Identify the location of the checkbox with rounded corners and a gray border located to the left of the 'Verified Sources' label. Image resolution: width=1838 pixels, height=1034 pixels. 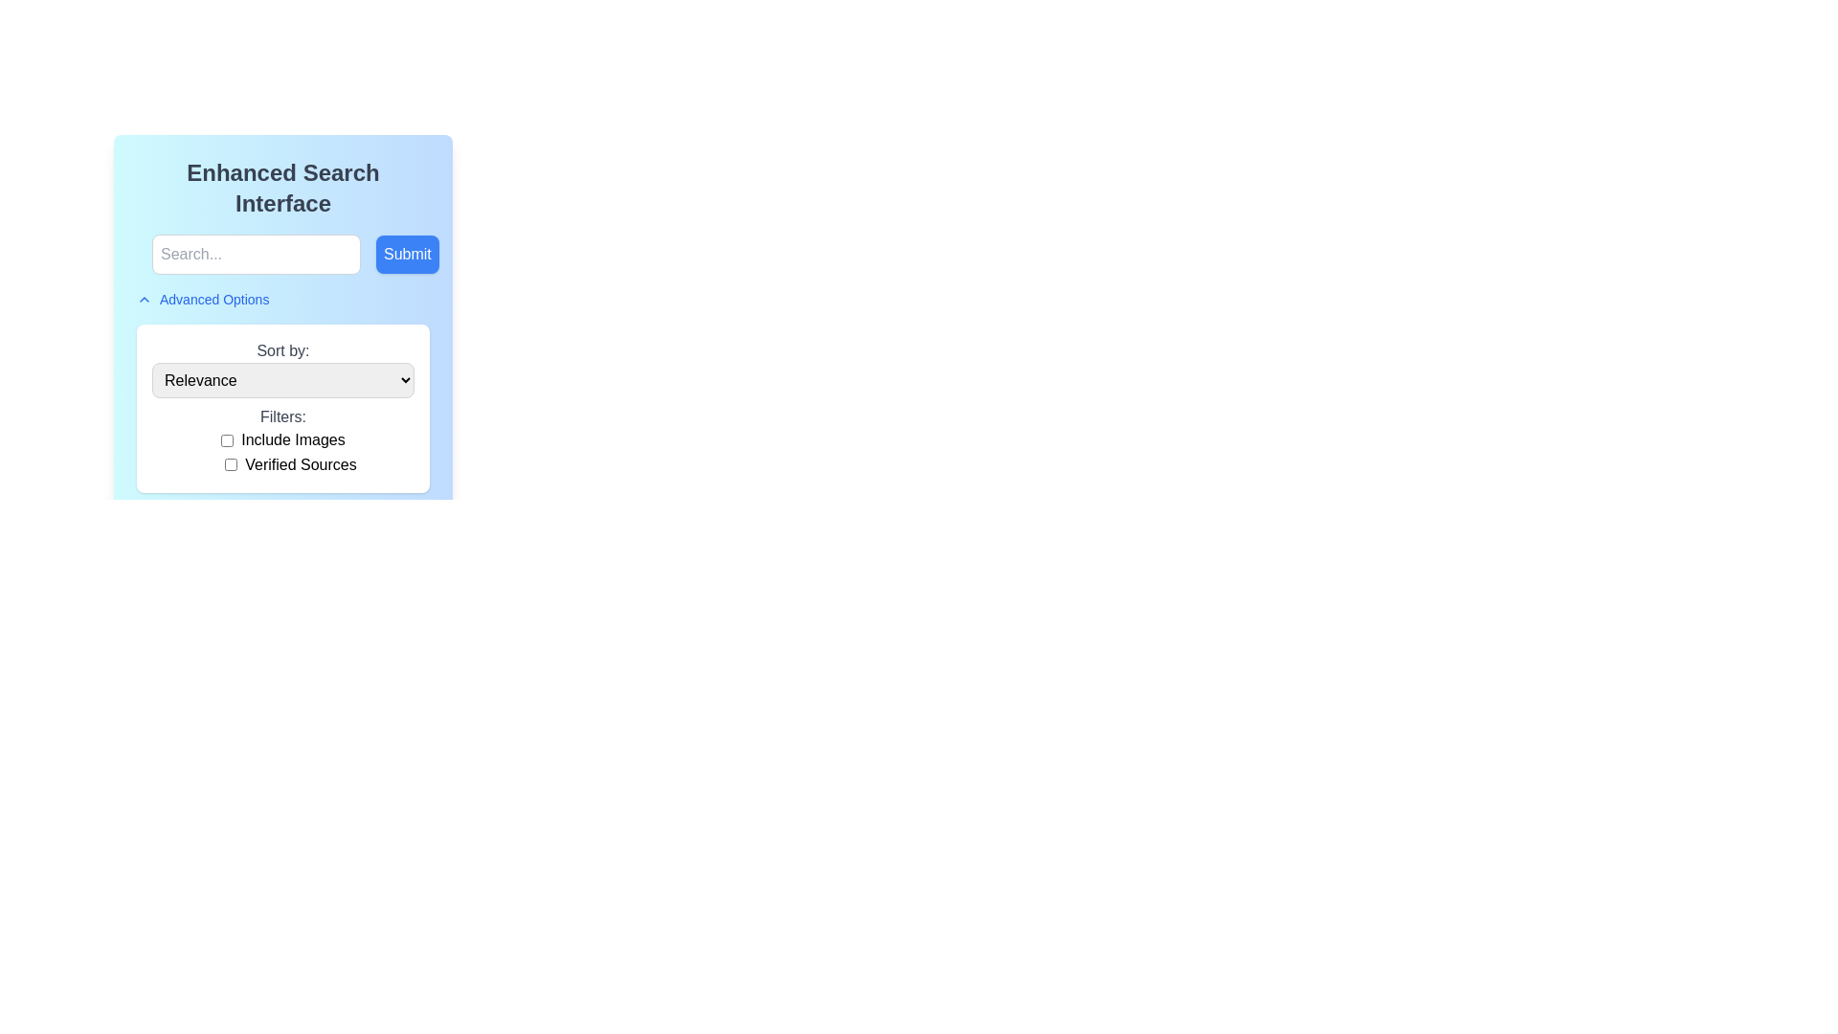
(230, 464).